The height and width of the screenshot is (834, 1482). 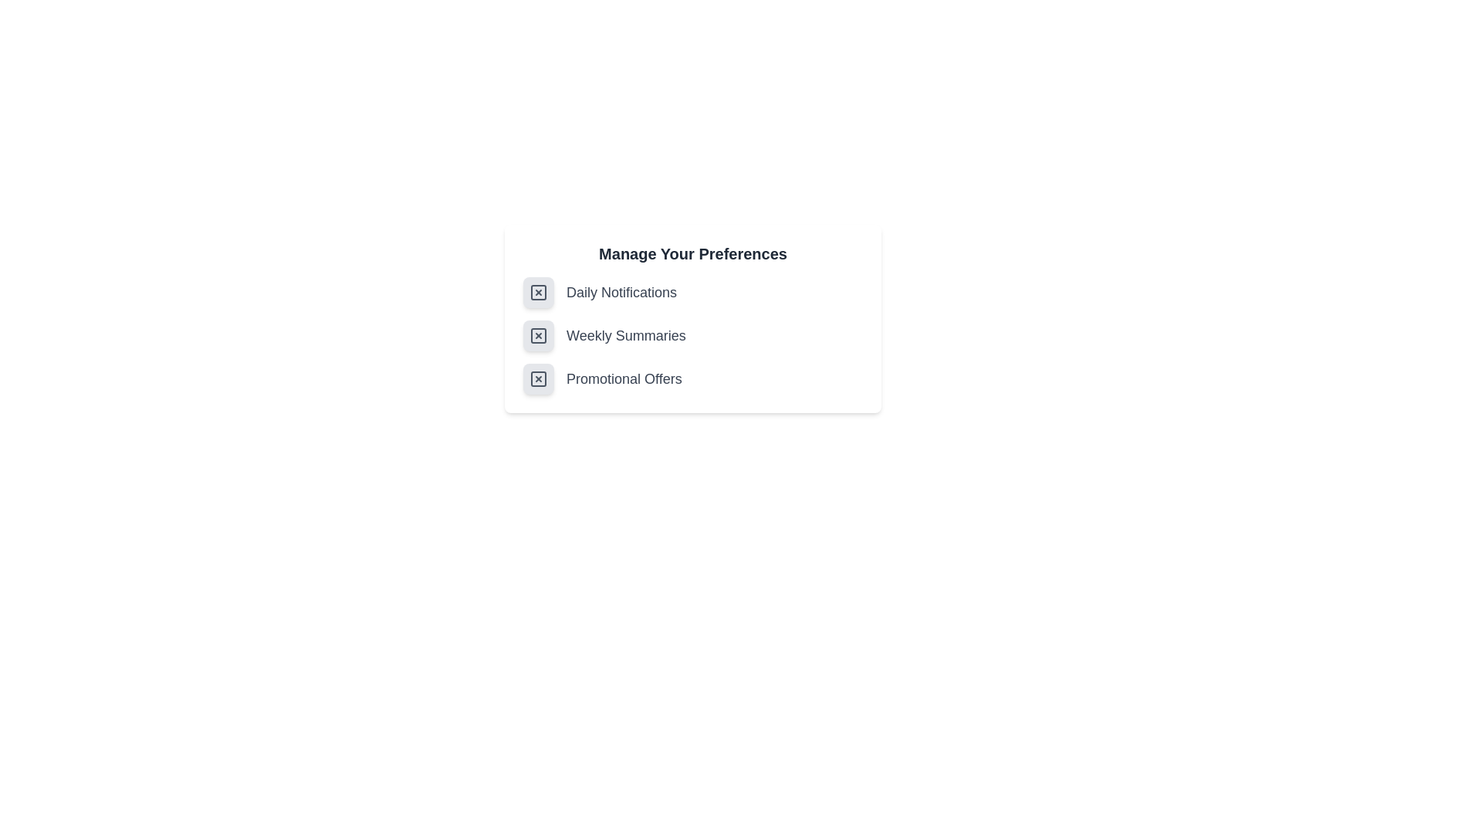 What do you see at coordinates (538, 378) in the screenshot?
I see `the toggle button associated with 'Promotional Offers'` at bounding box center [538, 378].